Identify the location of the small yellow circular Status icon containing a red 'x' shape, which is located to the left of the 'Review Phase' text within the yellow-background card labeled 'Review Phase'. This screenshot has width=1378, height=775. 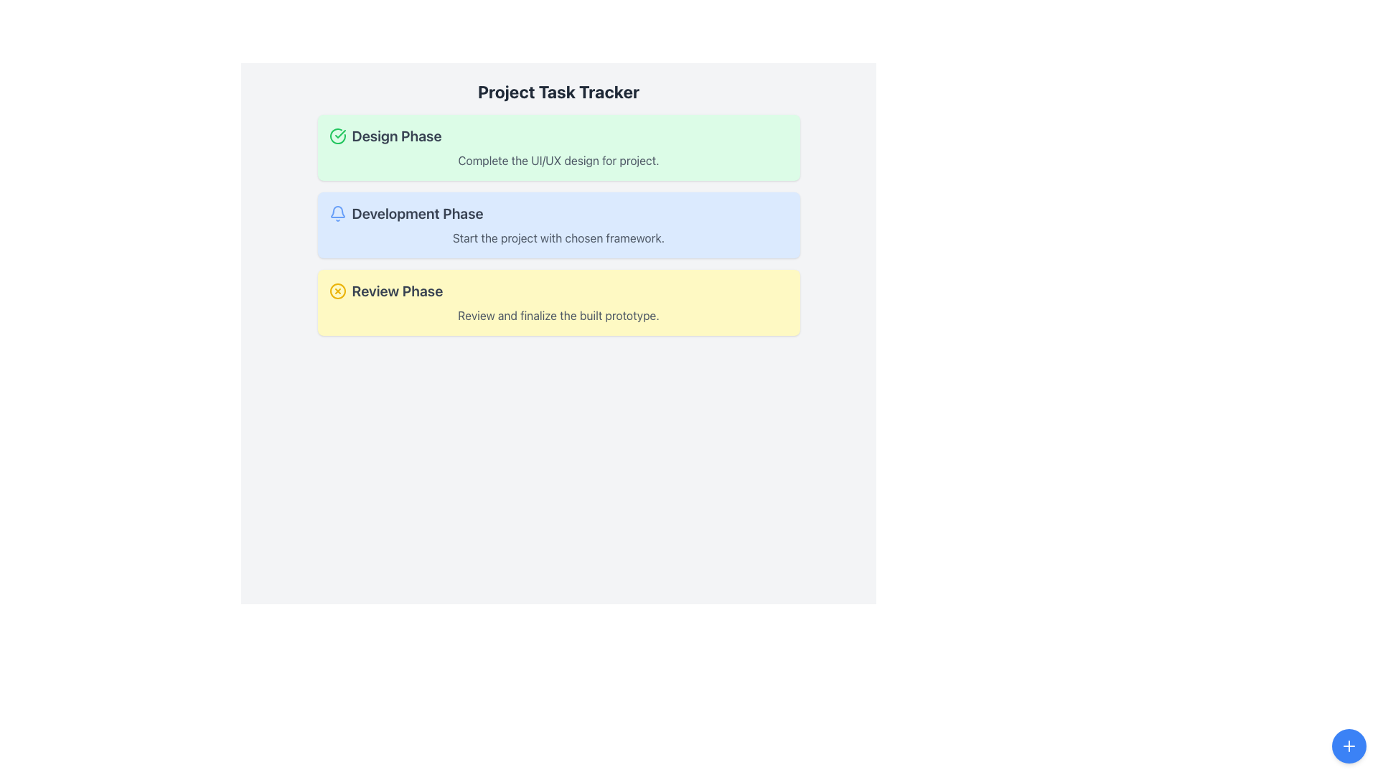
(337, 291).